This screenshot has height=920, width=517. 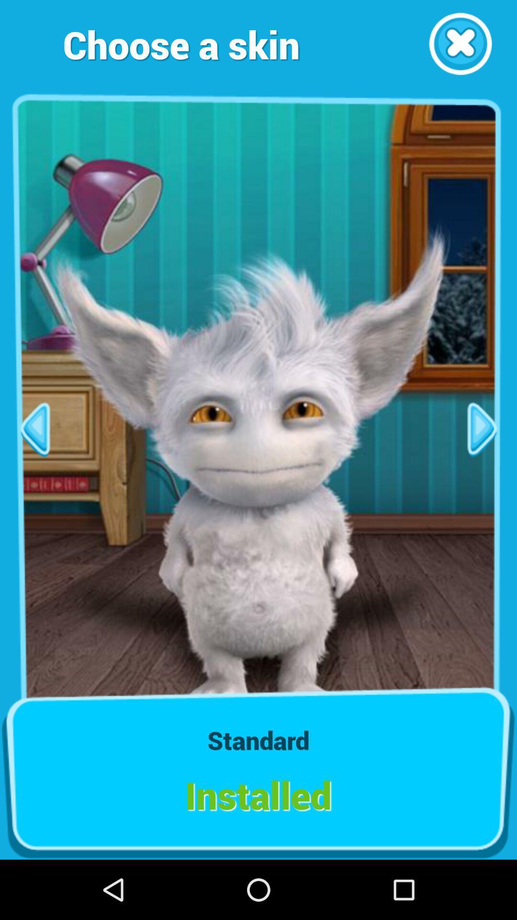 What do you see at coordinates (460, 43) in the screenshot?
I see `option` at bounding box center [460, 43].